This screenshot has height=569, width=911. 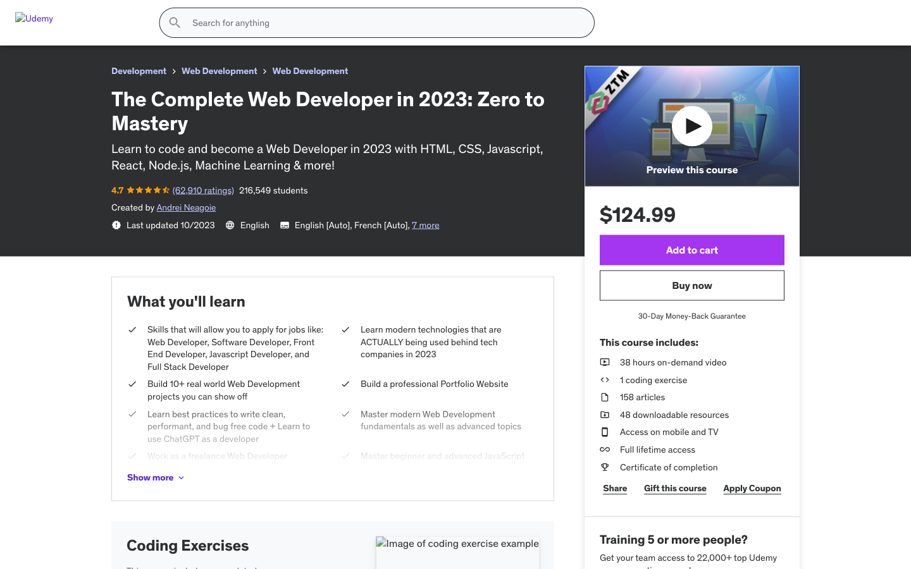 I want to click on see the next picture of the product, so click(x=535, y=325).